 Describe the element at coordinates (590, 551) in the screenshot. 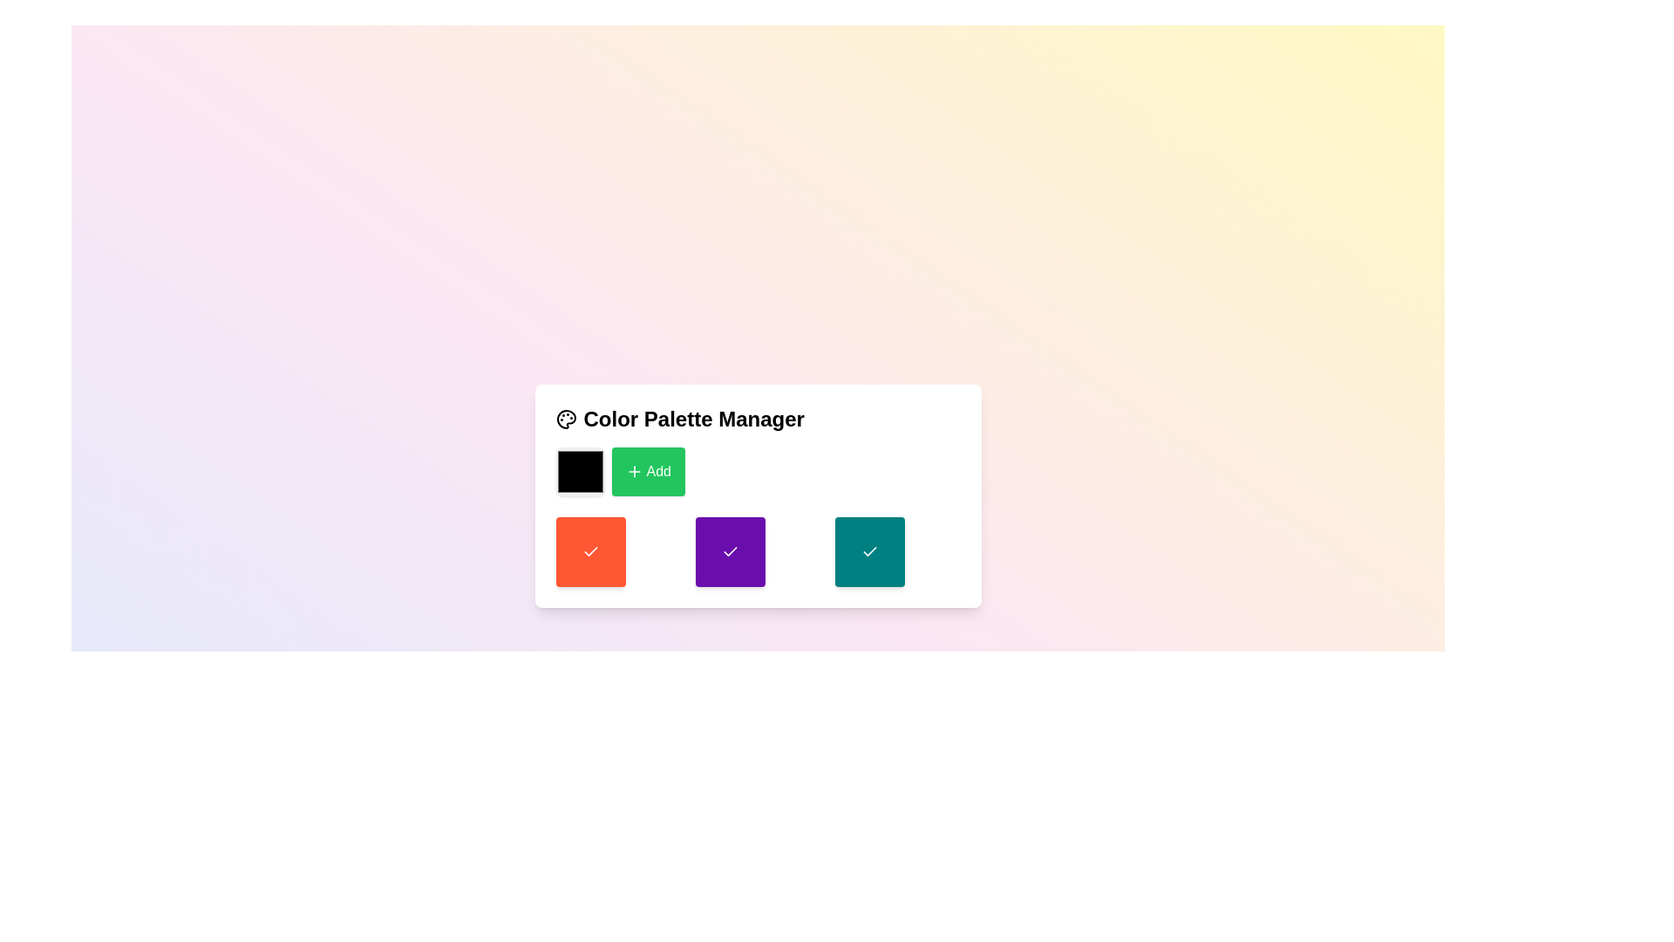

I see `the checkmark icon within the red square to deselect it in the Color Palette Manager interface` at that location.